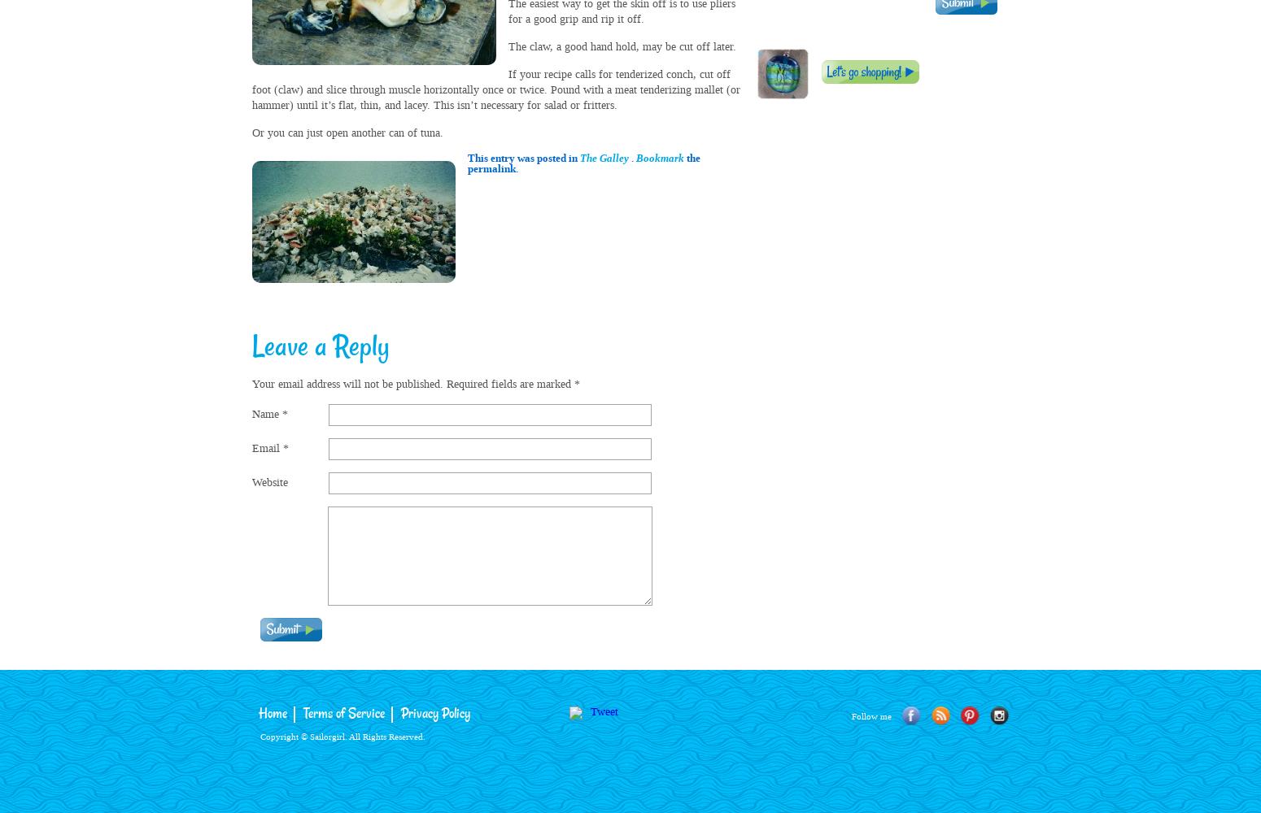 This screenshot has width=1261, height=813. What do you see at coordinates (659, 157) in the screenshot?
I see `'Bookmark'` at bounding box center [659, 157].